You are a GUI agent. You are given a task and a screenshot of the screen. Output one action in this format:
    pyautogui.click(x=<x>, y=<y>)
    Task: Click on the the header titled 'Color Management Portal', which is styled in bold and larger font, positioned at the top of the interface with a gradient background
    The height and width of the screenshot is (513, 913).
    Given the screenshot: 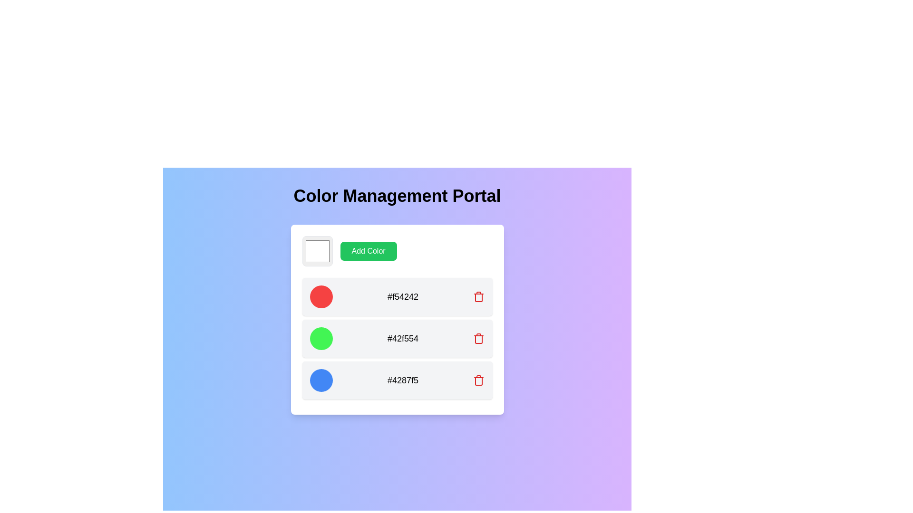 What is the action you would take?
    pyautogui.click(x=397, y=195)
    